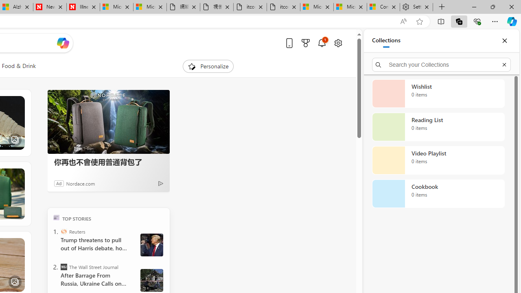 This screenshot has width=521, height=293. I want to click on 'itconcepthk.com/projector_solutions.mp4', so click(283, 7).